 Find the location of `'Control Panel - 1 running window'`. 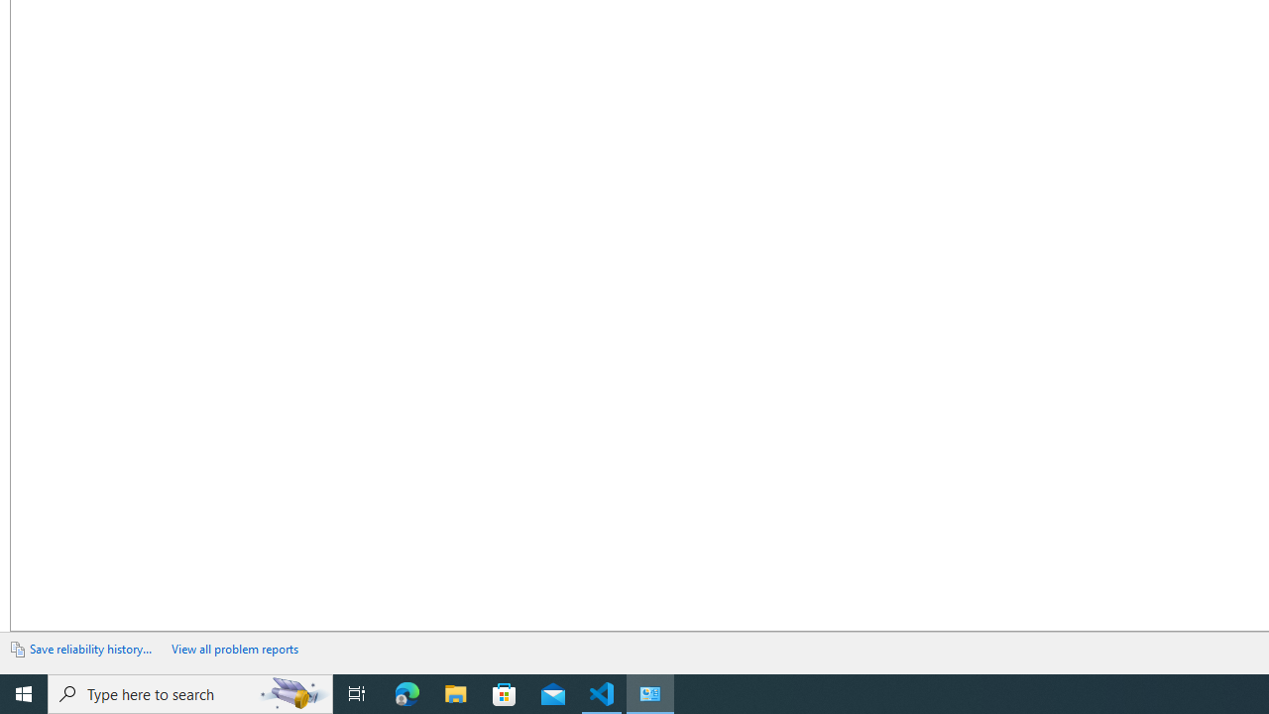

'Control Panel - 1 running window' is located at coordinates (650, 692).